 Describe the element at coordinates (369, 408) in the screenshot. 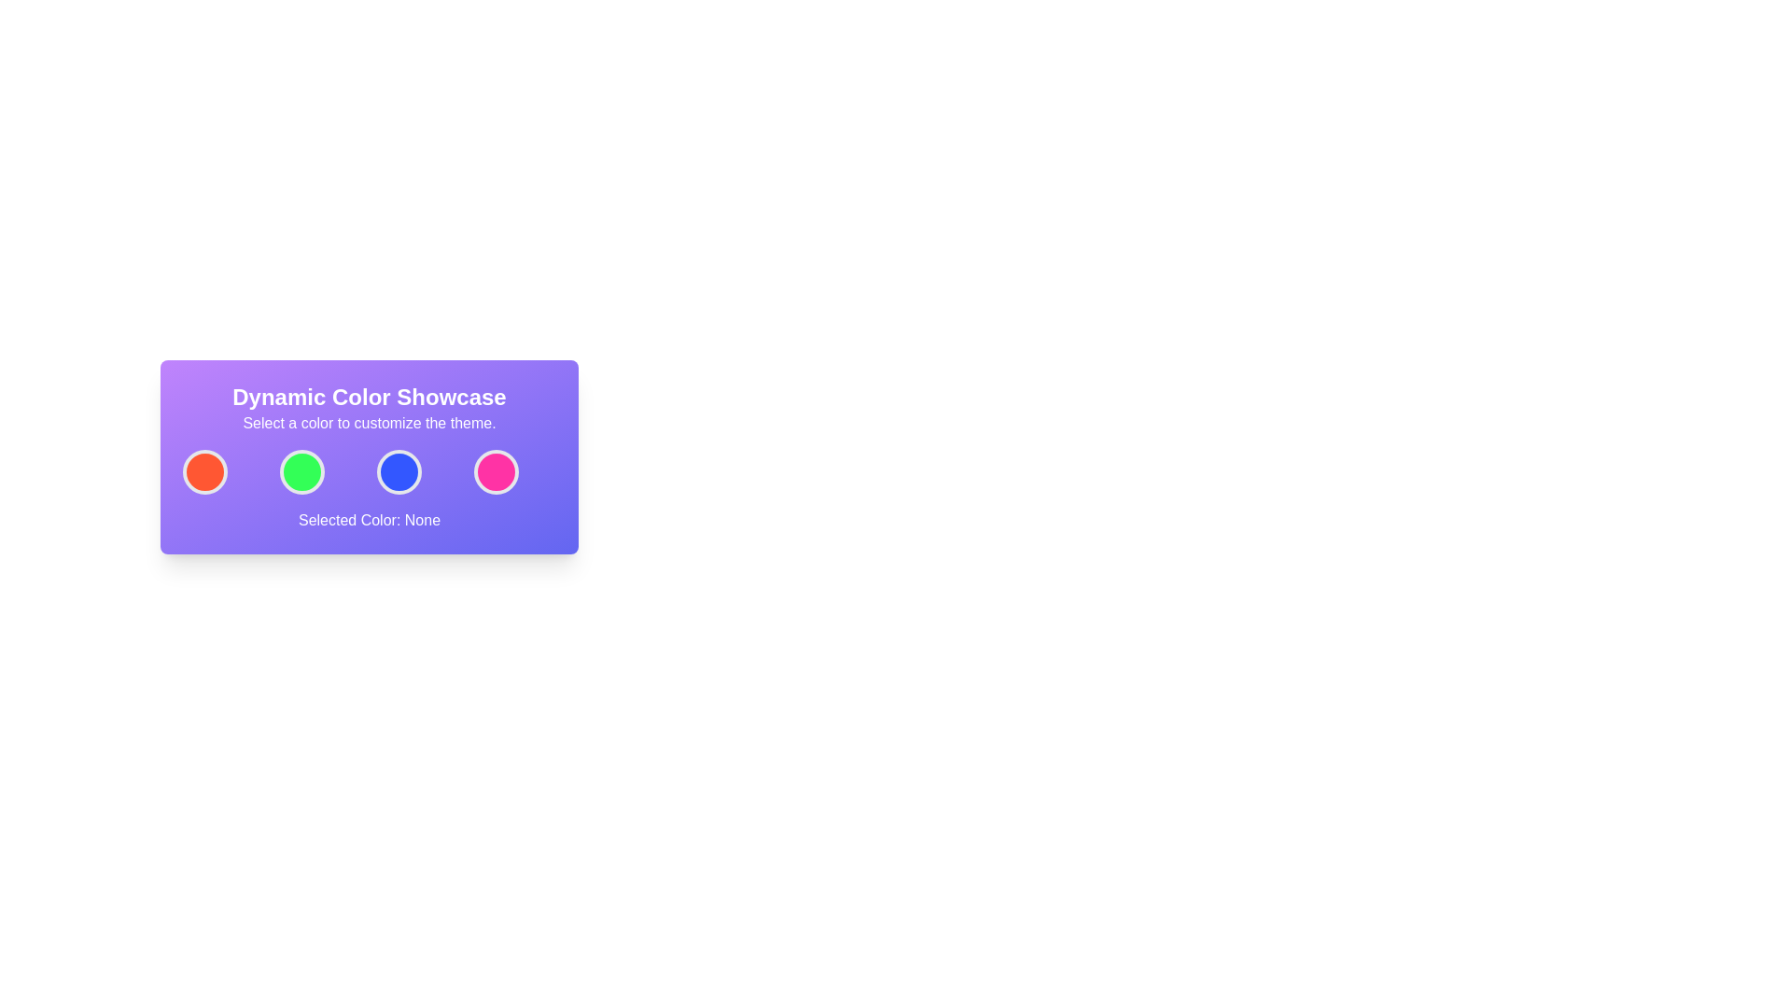

I see `the text display that reads 'Dynamic Color Showcase' followed by 'Select a color to customize the theme.' which is centered at the top of a gradient-styled purple-to-indigo rectangle` at that location.